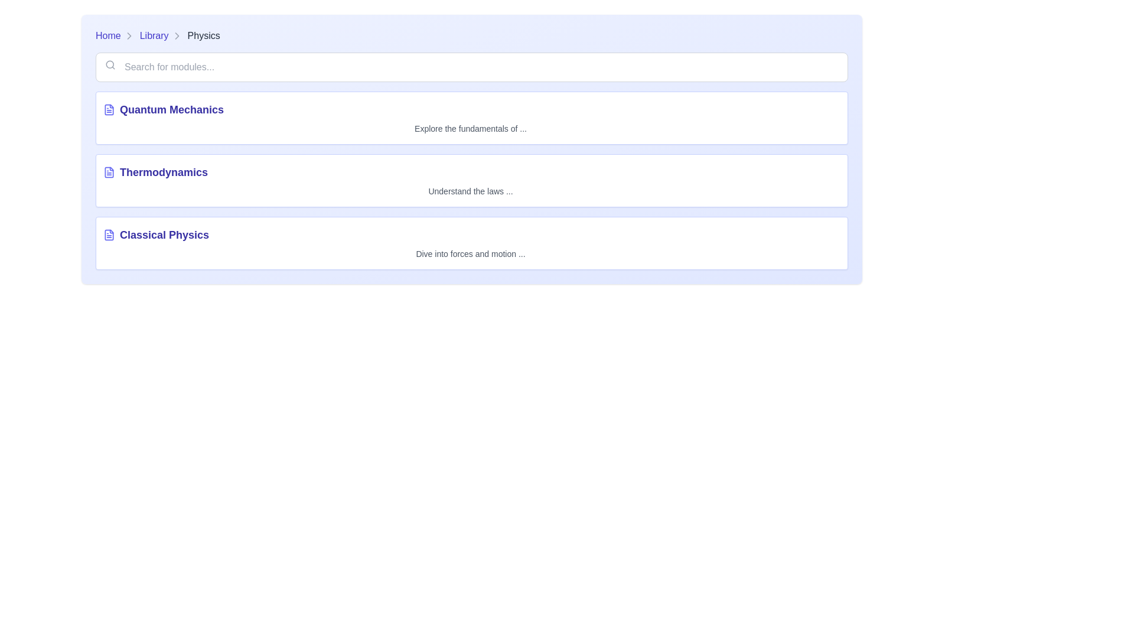 This screenshot has height=638, width=1134. Describe the element at coordinates (161, 35) in the screenshot. I see `the 'Library' link in the breadcrumb navigation` at that location.